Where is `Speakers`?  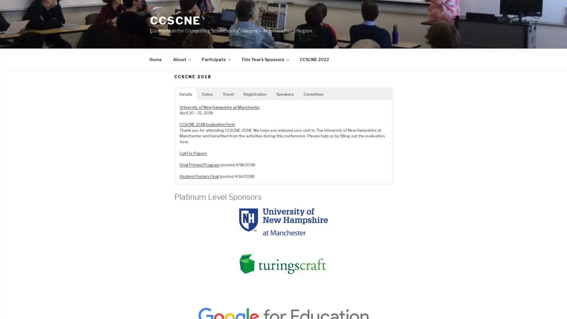 Speakers is located at coordinates (285, 93).